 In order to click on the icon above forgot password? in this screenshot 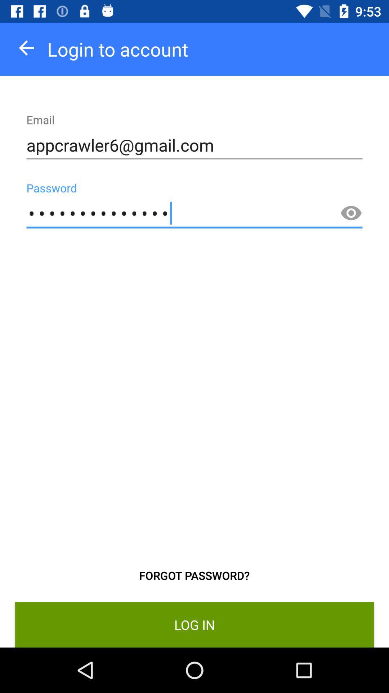, I will do `click(194, 213)`.